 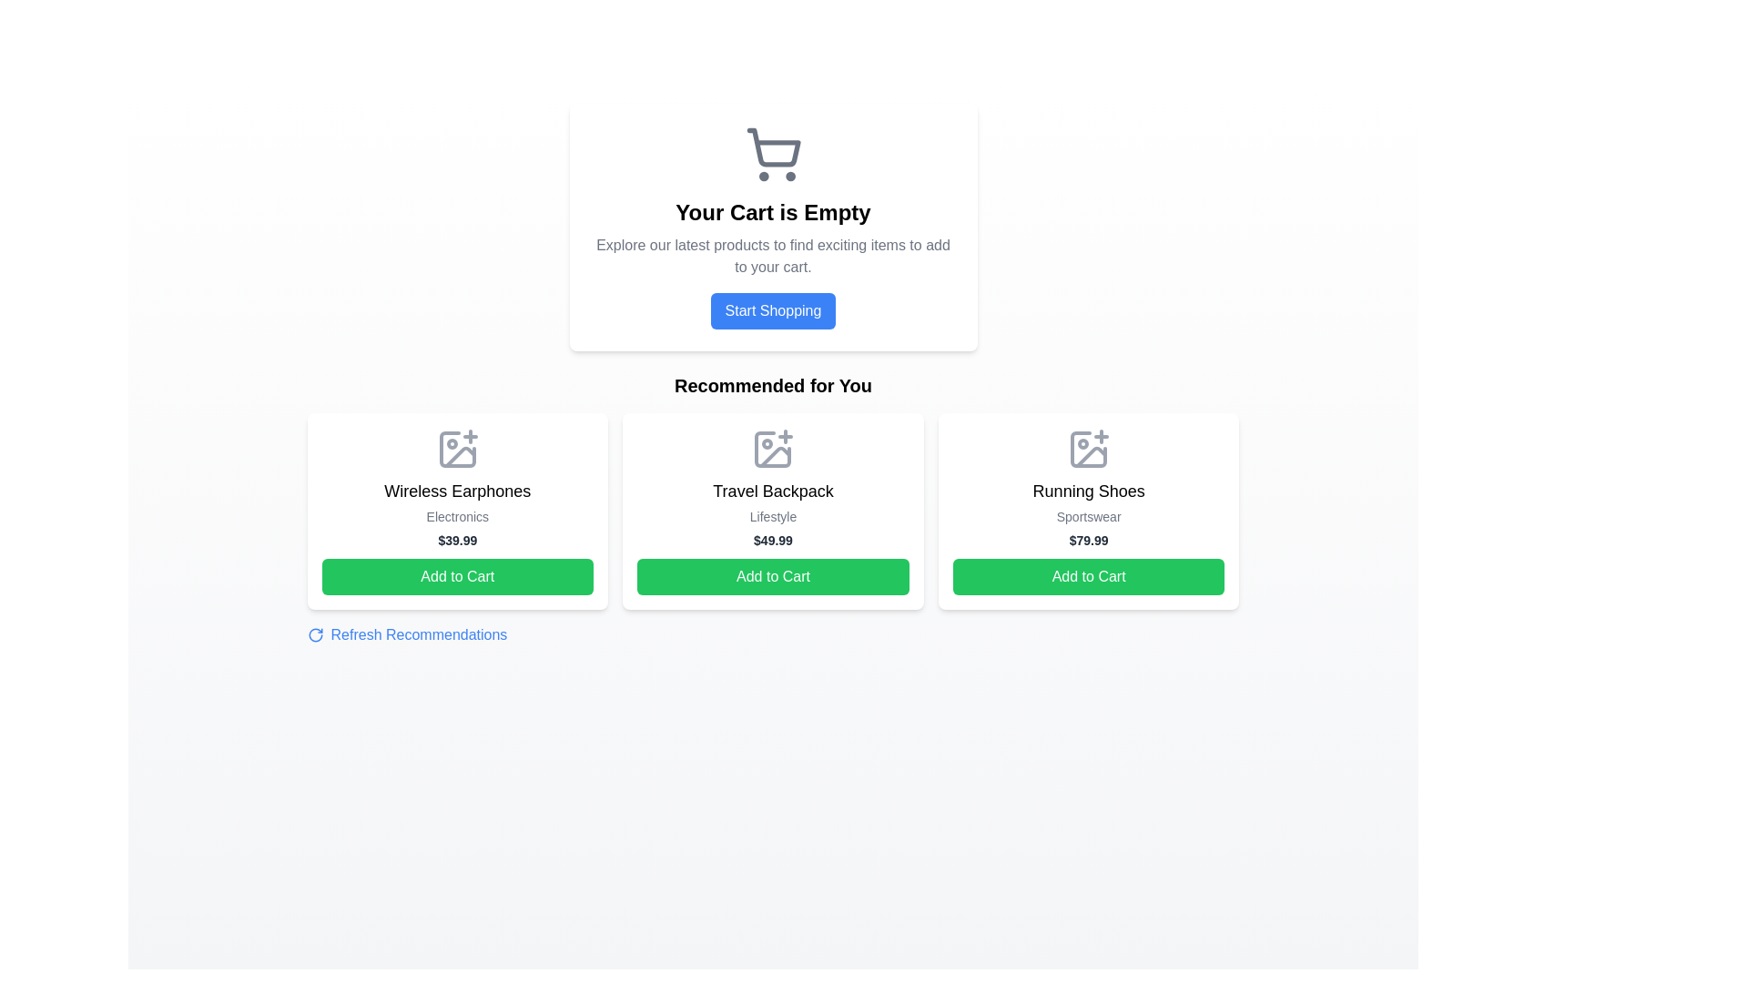 What do you see at coordinates (773, 576) in the screenshot?
I see `the 'Add Travel Backpack to Cart' button located in the 'Recommended for You' section to change its background color` at bounding box center [773, 576].